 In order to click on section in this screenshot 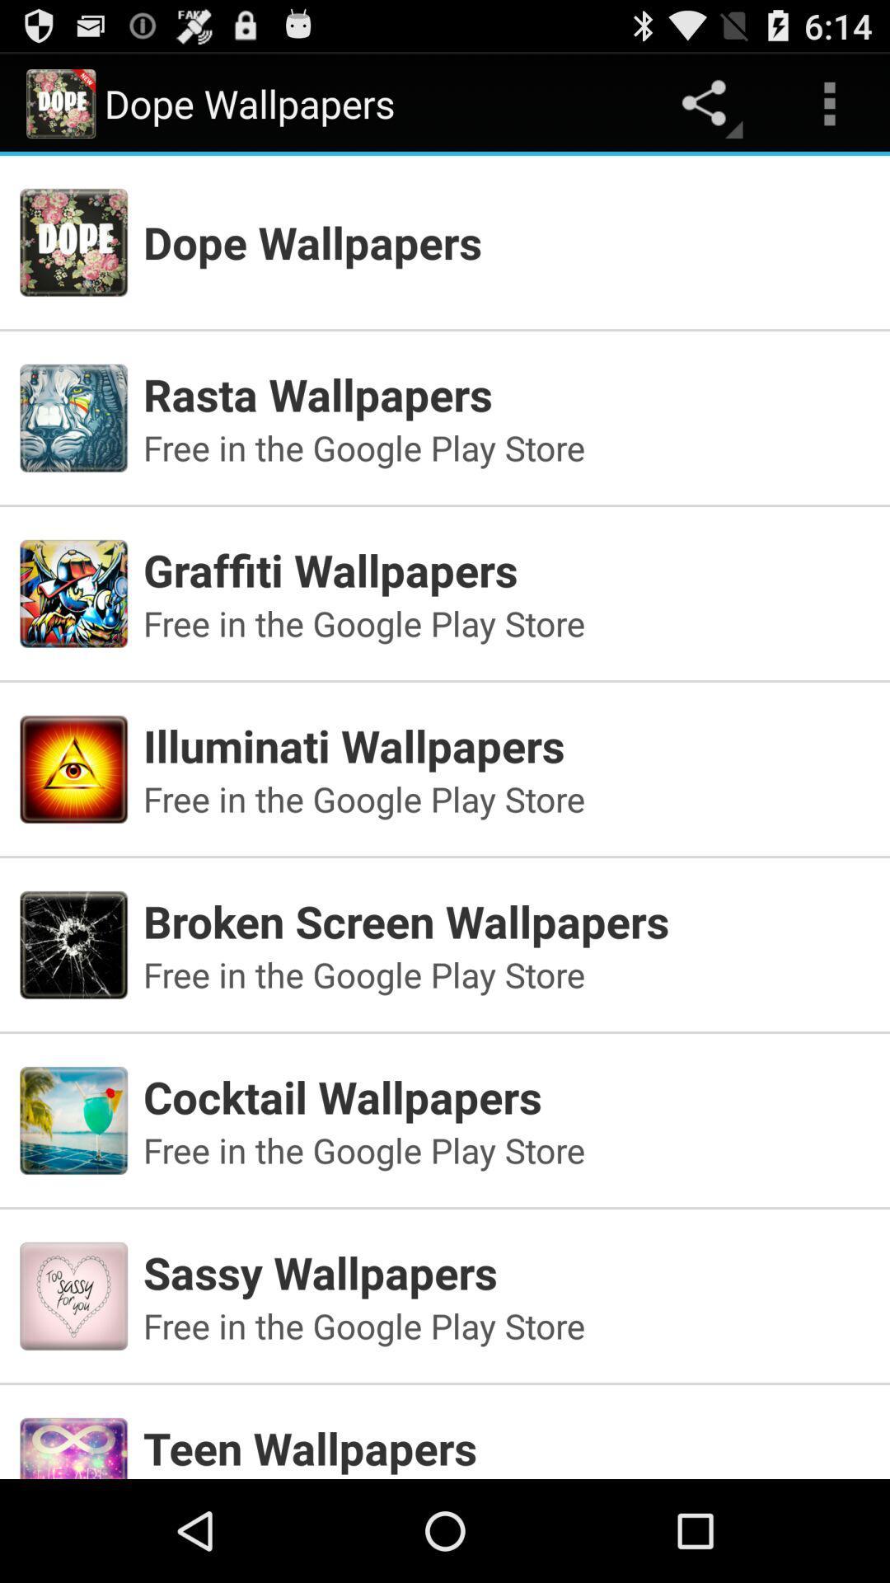, I will do `click(445, 1424)`.